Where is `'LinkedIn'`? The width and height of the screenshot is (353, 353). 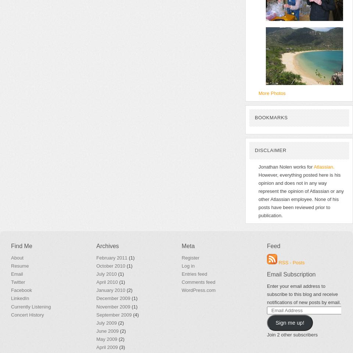
'LinkedIn' is located at coordinates (19, 298).